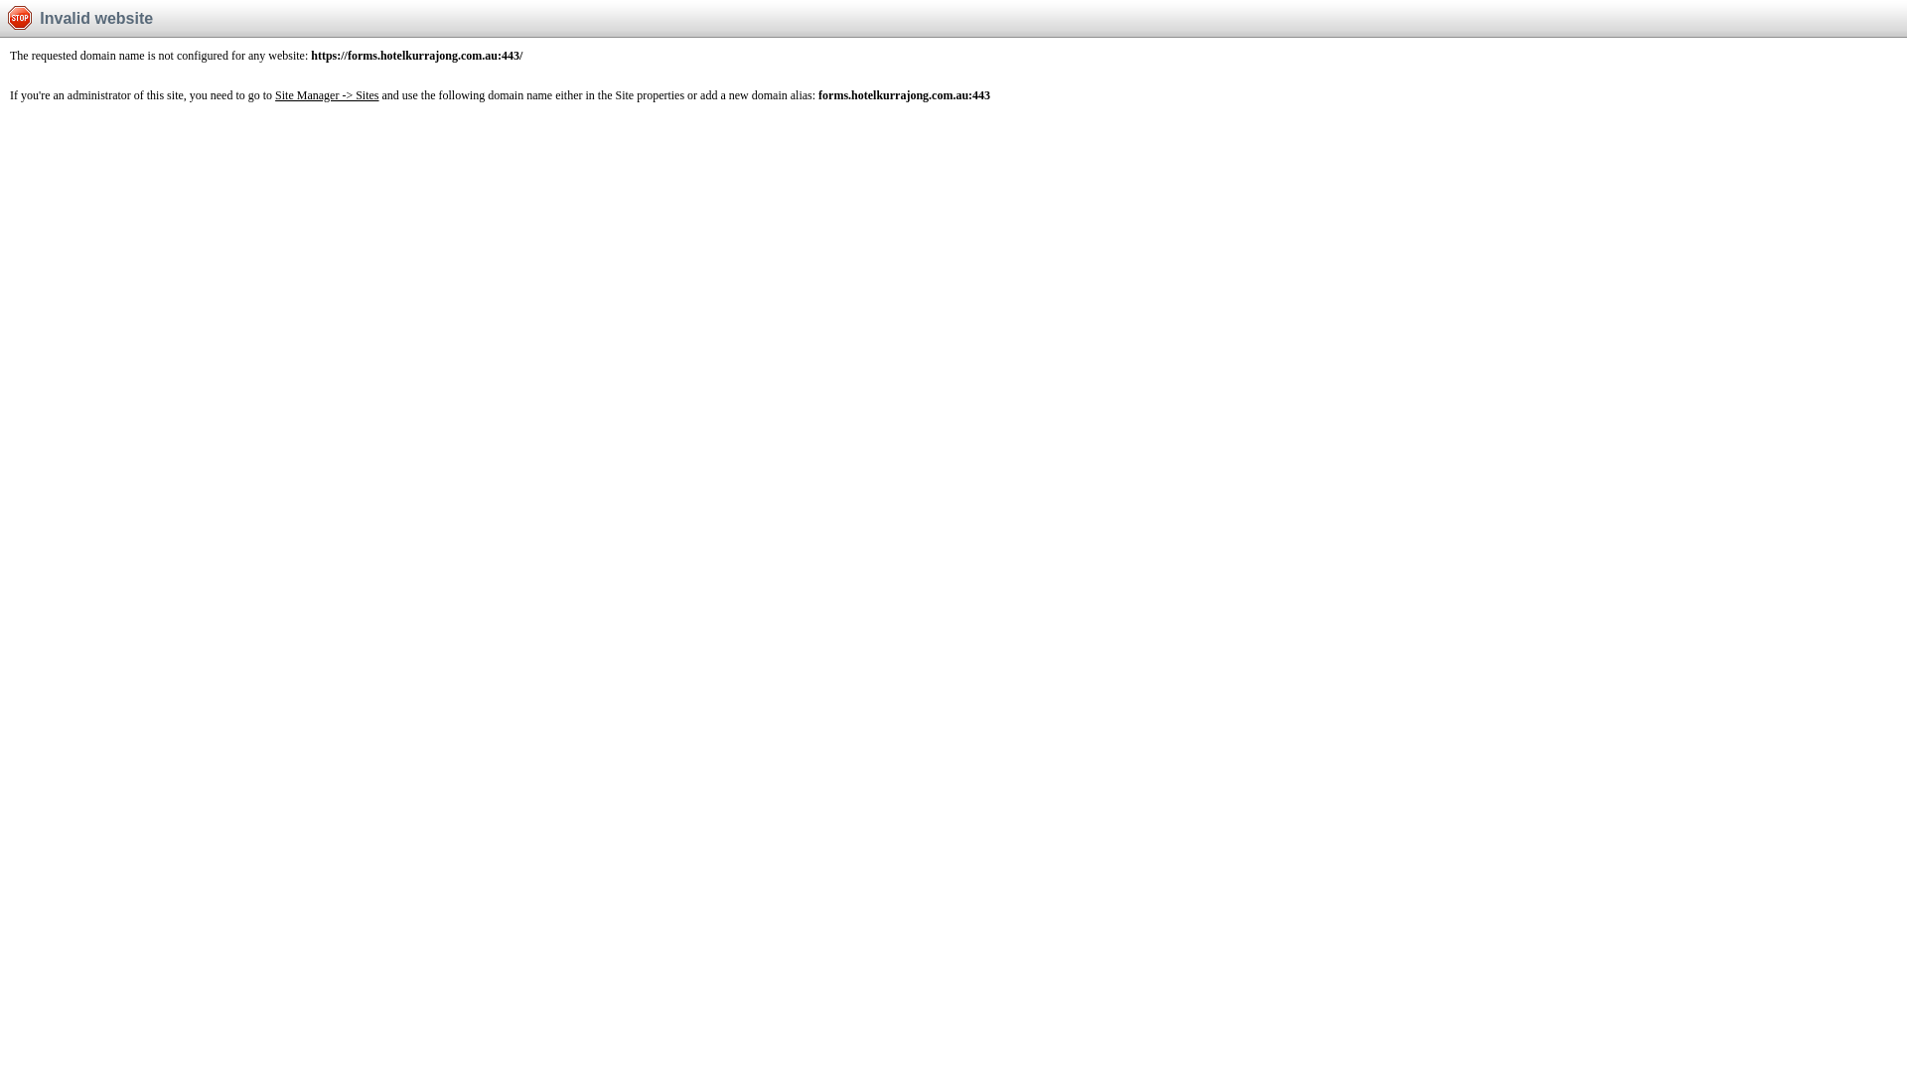 The height and width of the screenshot is (1073, 1907). Describe the element at coordinates (327, 95) in the screenshot. I see `'Site Manager -> Sites'` at that location.